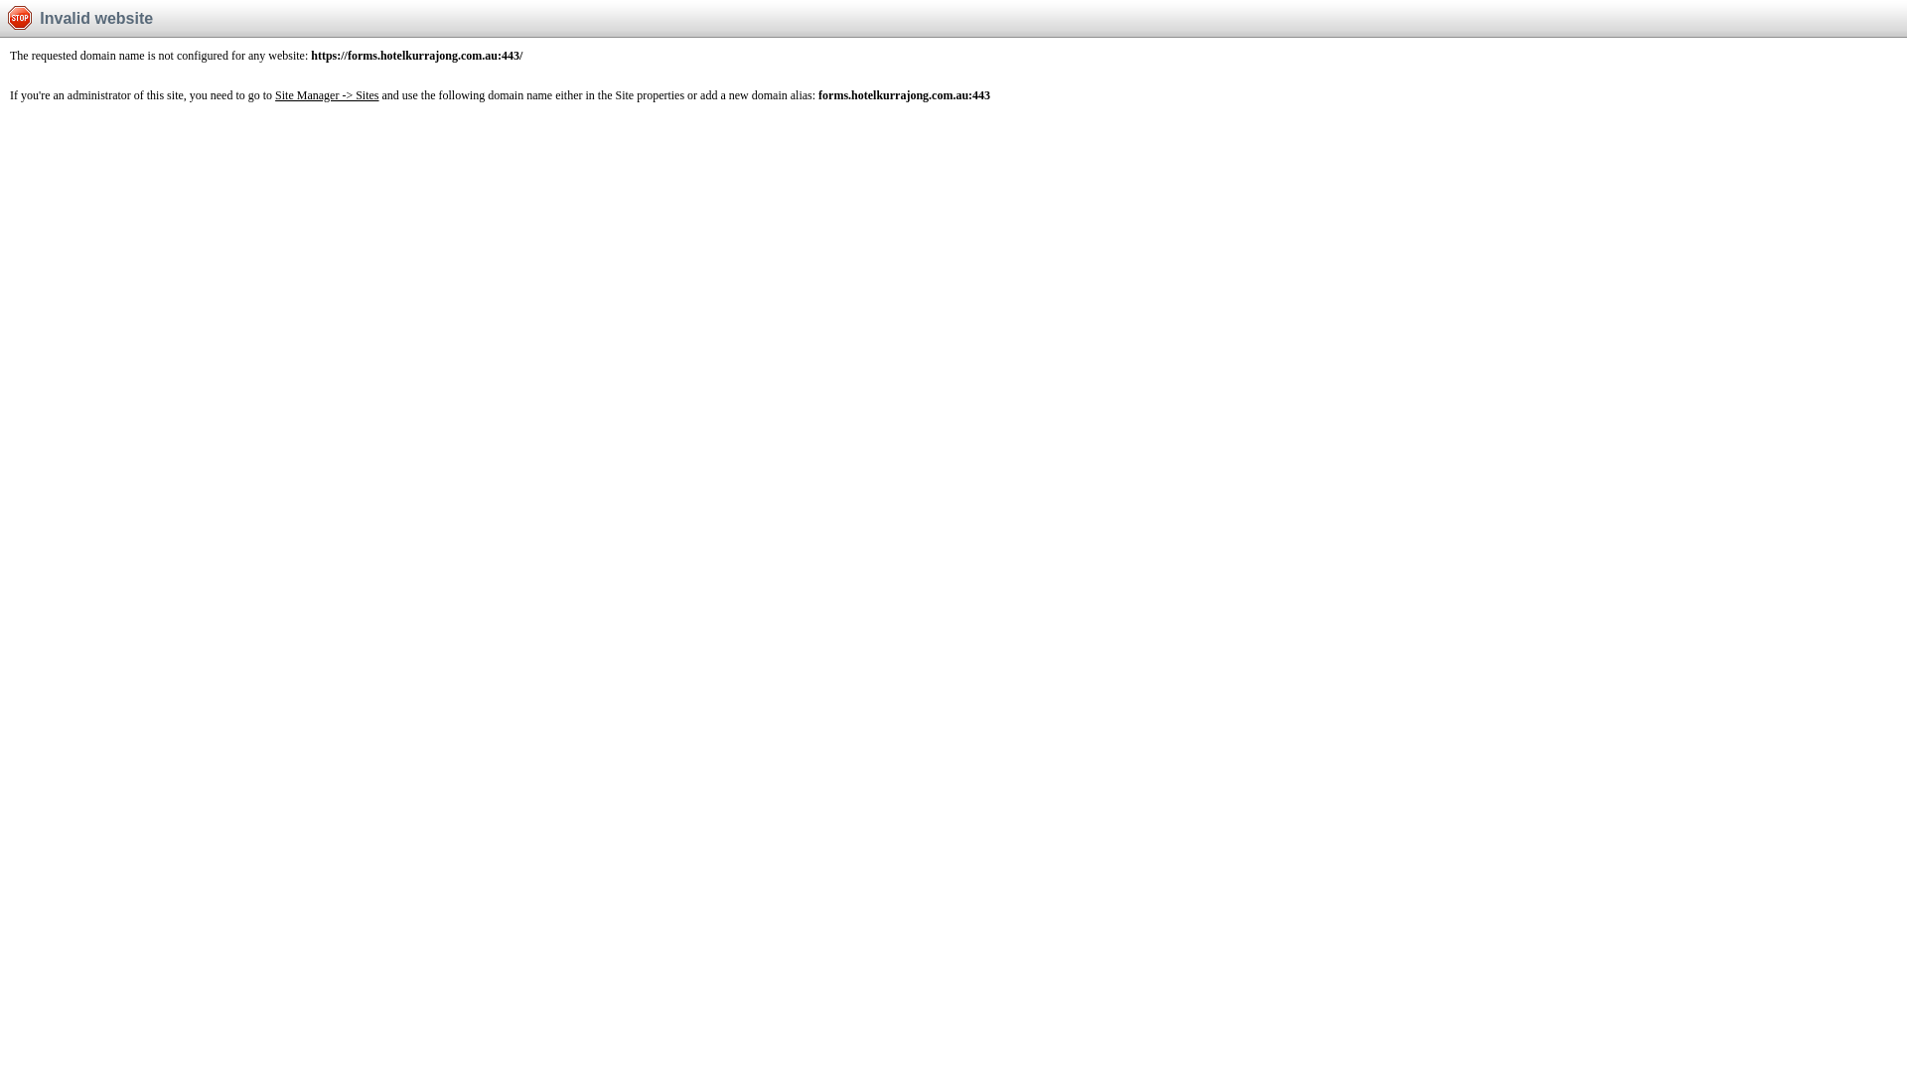 The height and width of the screenshot is (1073, 1907). Describe the element at coordinates (327, 95) in the screenshot. I see `'Site Manager -> Sites'` at that location.